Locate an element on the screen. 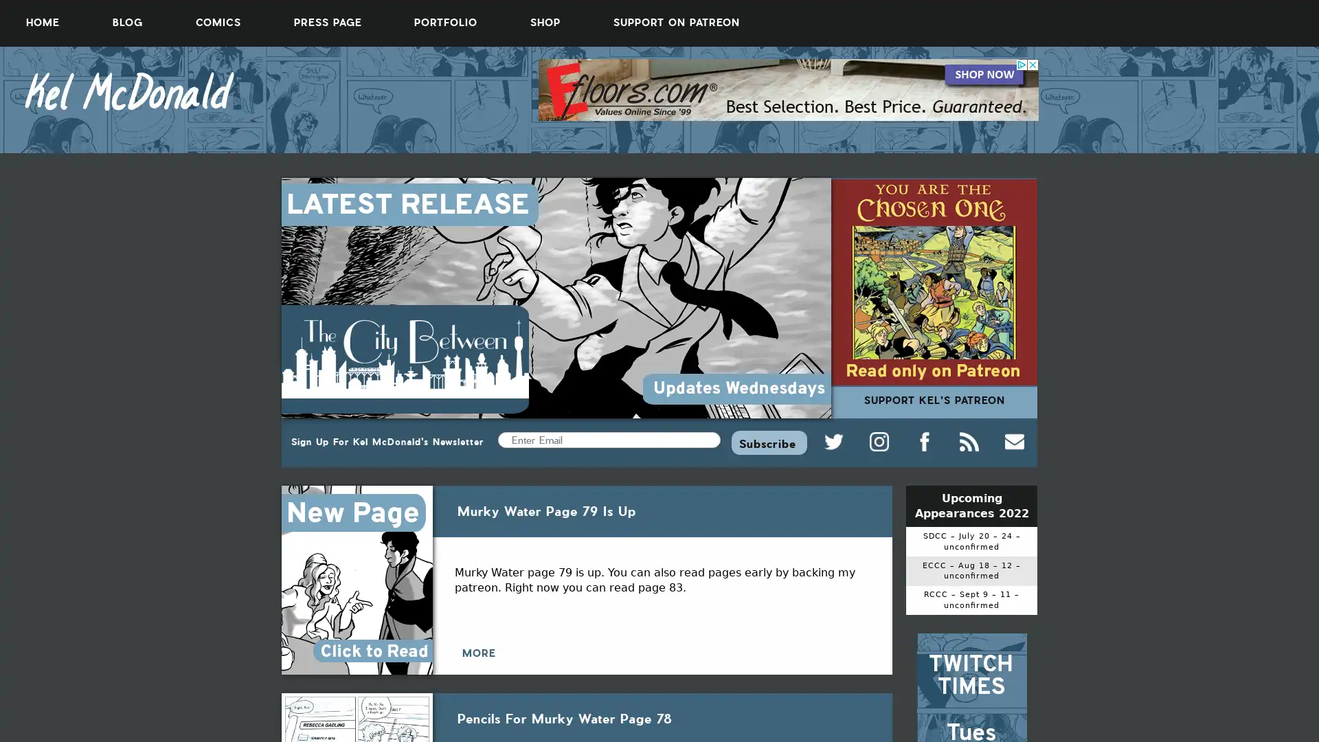  Subscribe is located at coordinates (768, 442).